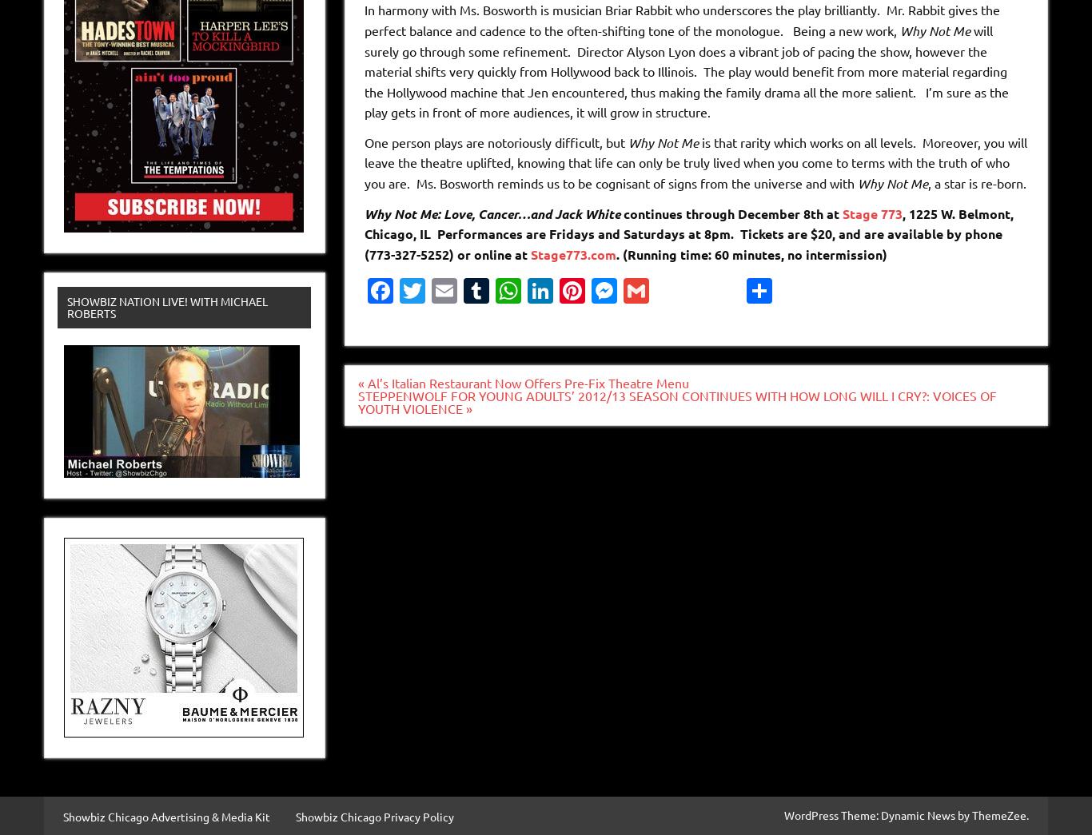 The width and height of the screenshot is (1092, 835). I want to click on 'Twitter', so click(436, 341).